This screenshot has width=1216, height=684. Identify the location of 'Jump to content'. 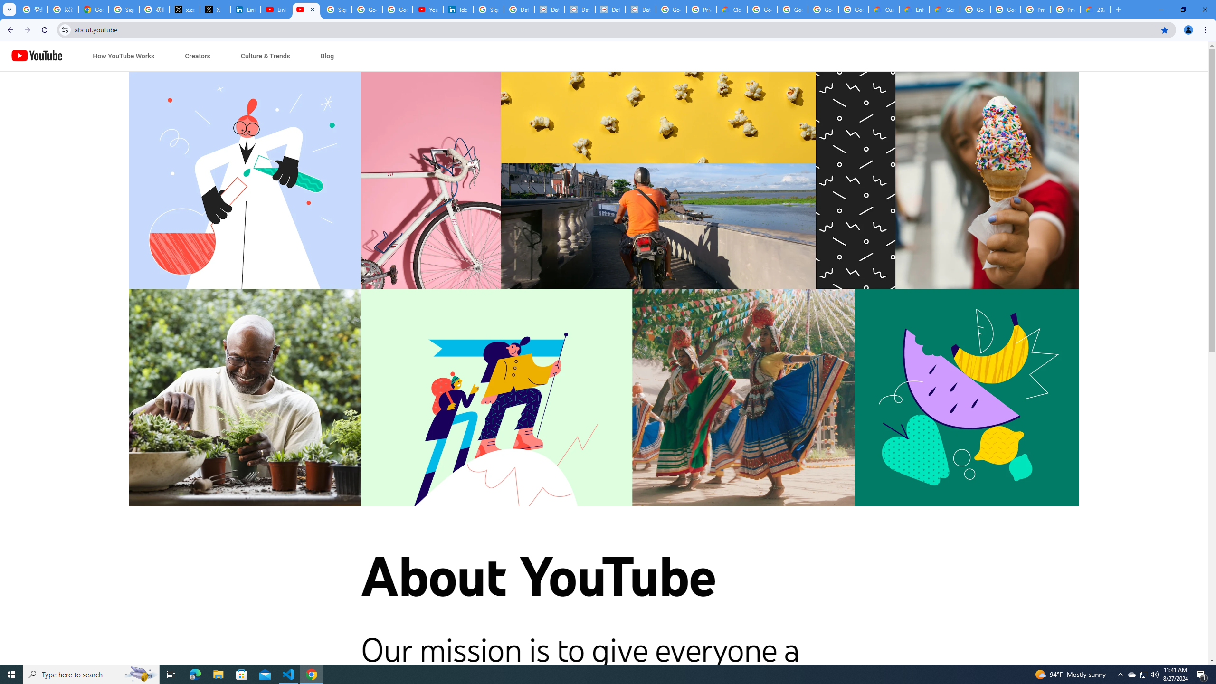
(88, 56).